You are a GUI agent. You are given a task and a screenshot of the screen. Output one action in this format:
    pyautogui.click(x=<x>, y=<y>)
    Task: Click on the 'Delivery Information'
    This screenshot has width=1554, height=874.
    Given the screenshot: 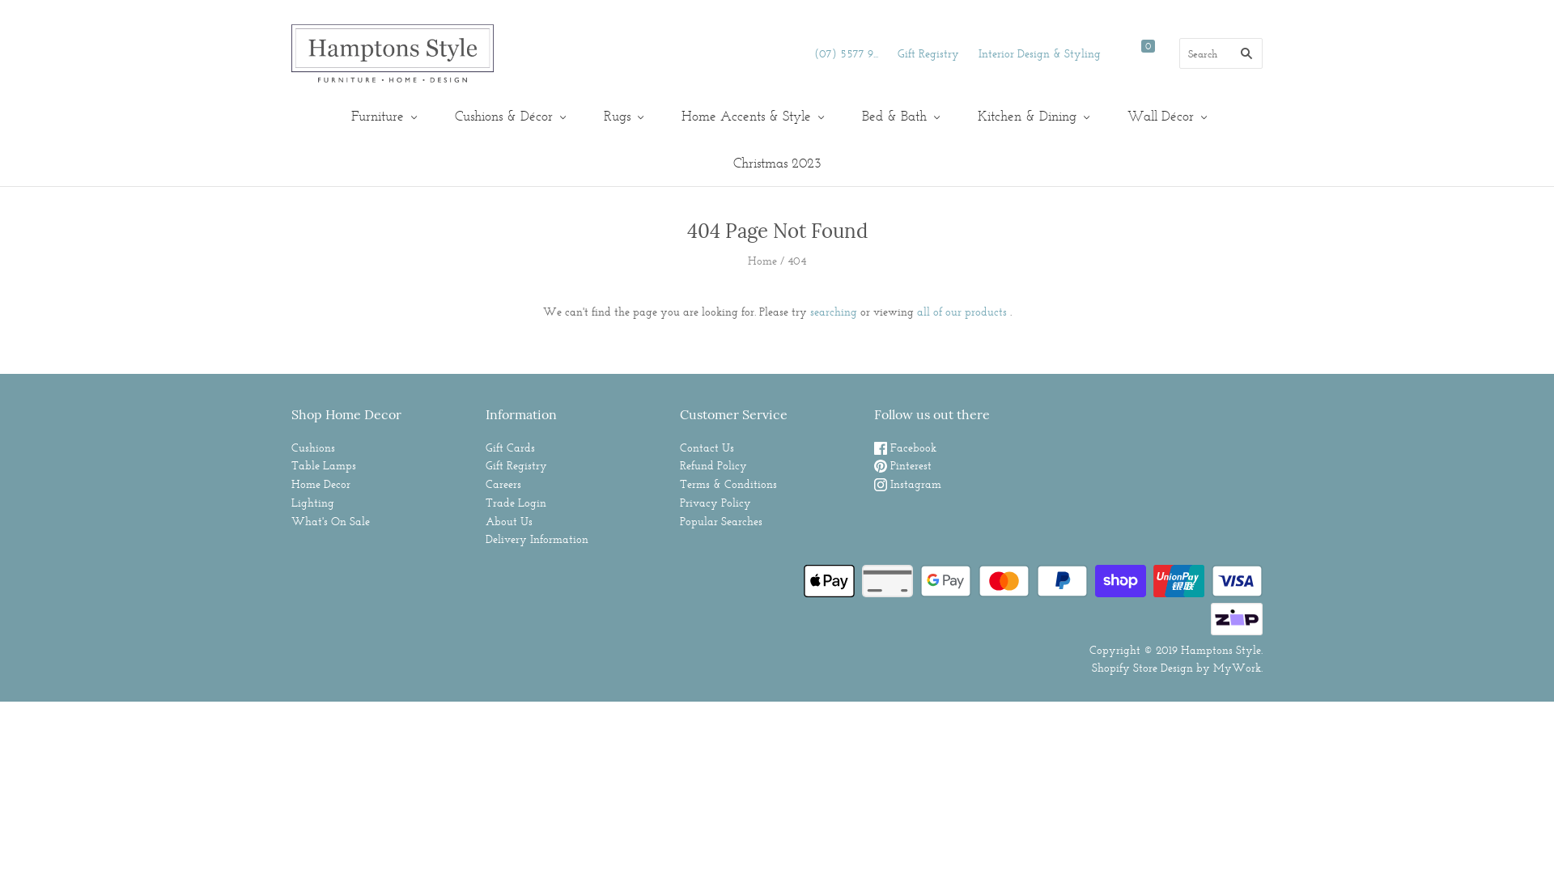 What is the action you would take?
    pyautogui.click(x=537, y=539)
    